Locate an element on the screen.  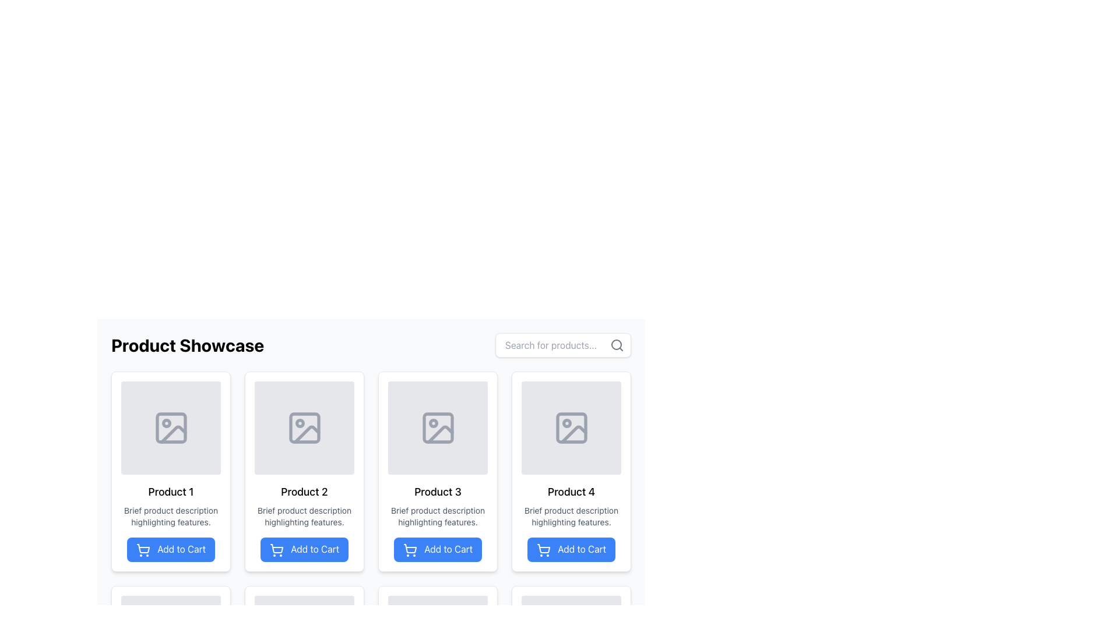
text content displayed as the product name in the fourth product card, located below the image and above the product description and 'Add to Cart' button is located at coordinates (571, 492).